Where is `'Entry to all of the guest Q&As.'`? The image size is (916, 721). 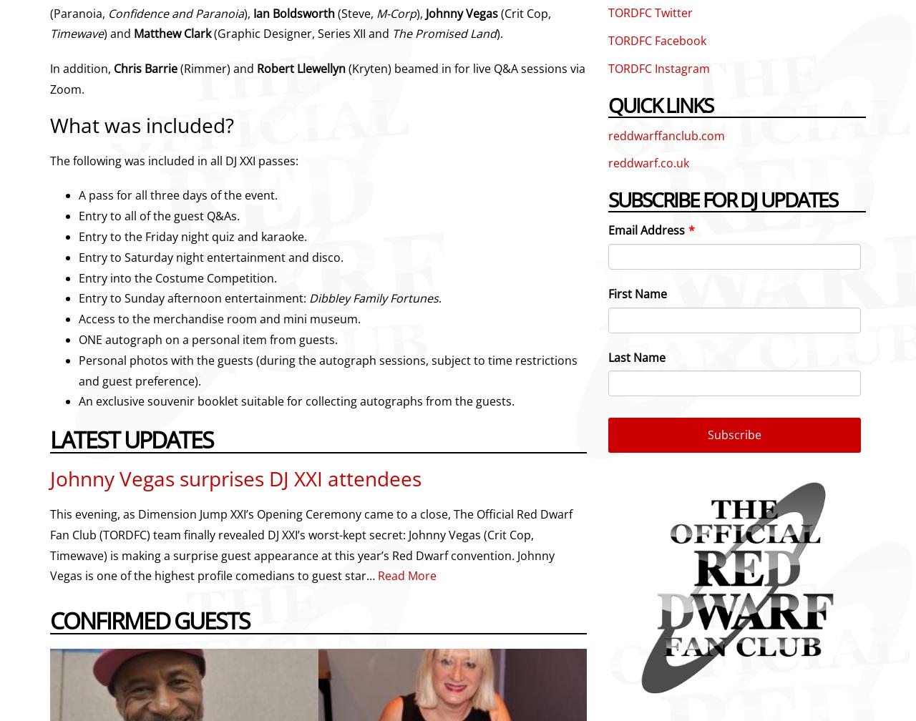
'Entry to all of the guest Q&As.' is located at coordinates (77, 215).